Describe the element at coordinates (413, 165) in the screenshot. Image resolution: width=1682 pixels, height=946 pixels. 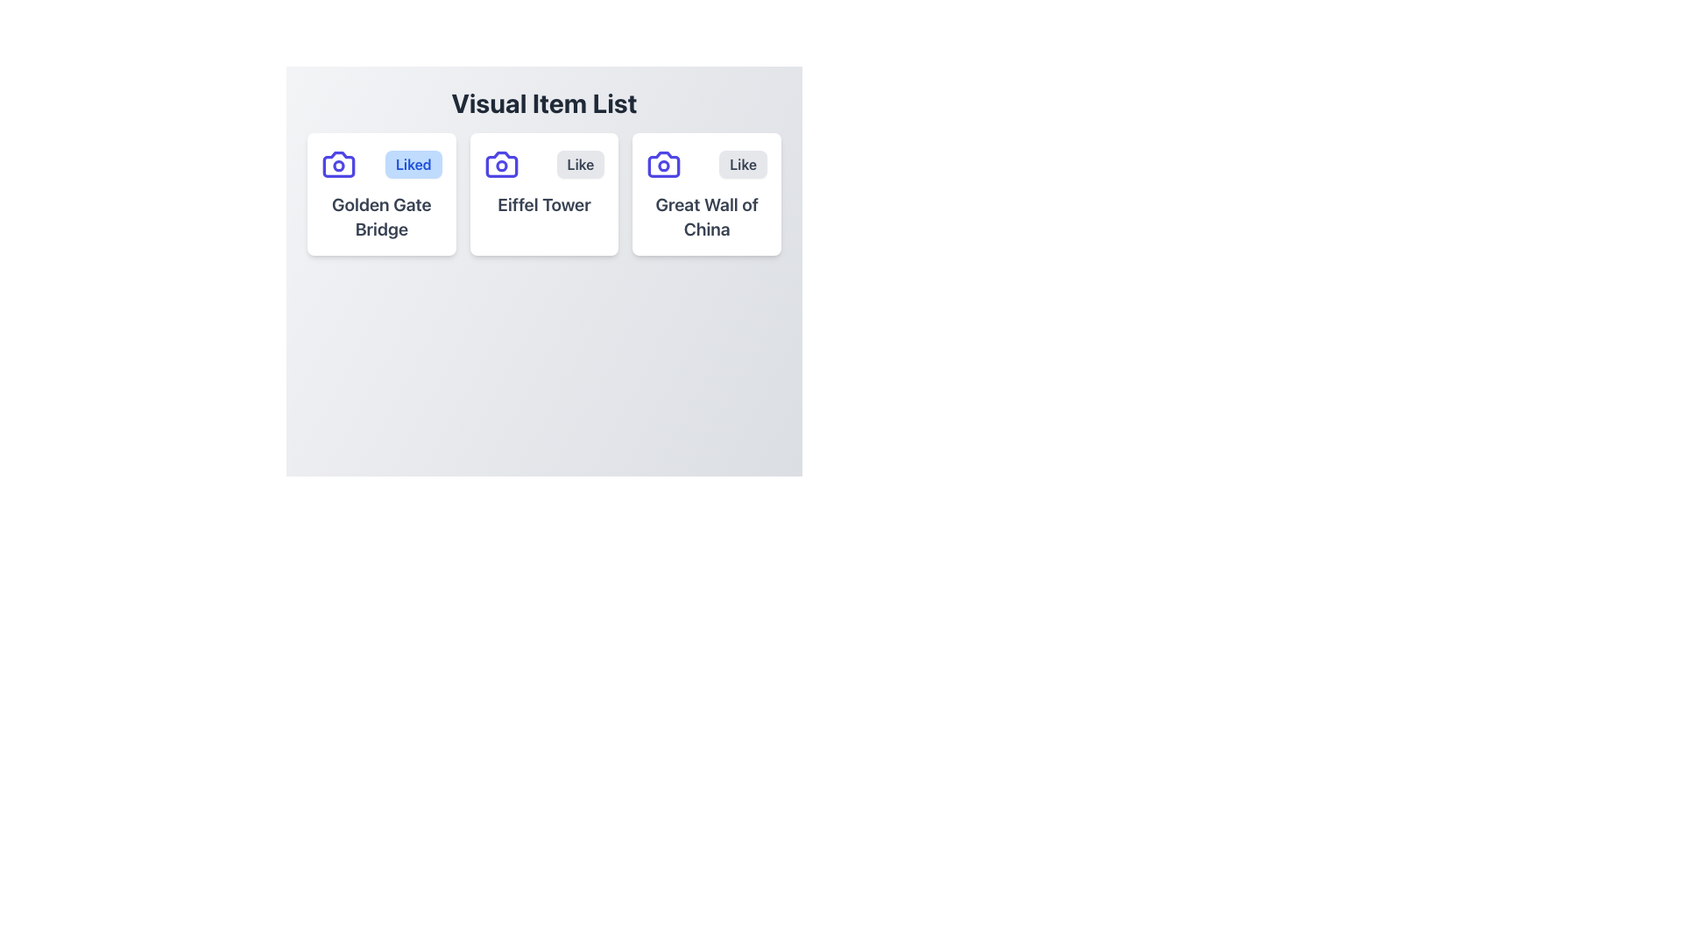
I see `the button that confirms a 'Liked' status for the content associated with the text 'Golden Gate Bridge' in the top-left card of the list layout` at that location.